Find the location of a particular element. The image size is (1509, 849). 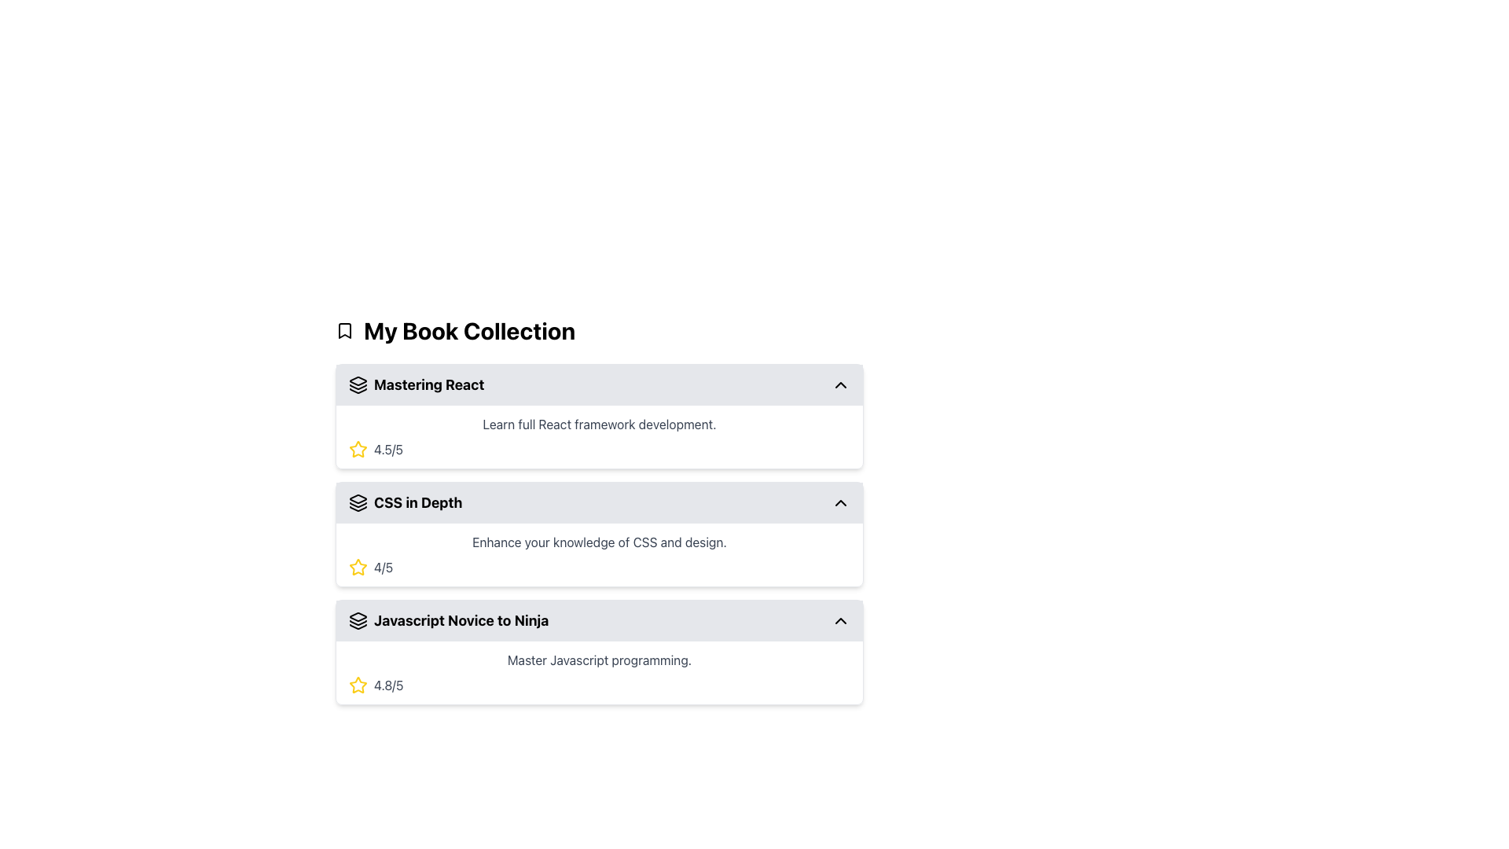

text of the 'Mastering React' label, which is the first item in the 'My Book Collection' list and styled in bold next to a decorative icon is located at coordinates (429, 384).